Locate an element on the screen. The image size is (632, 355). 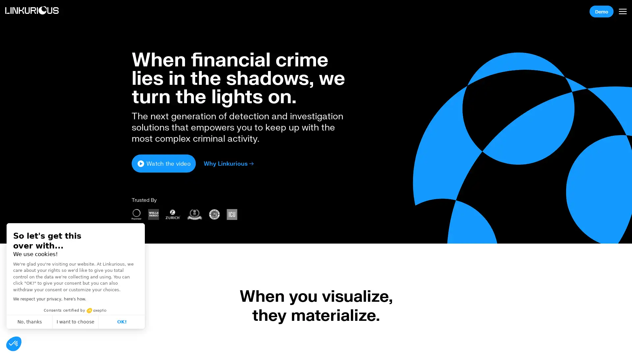
OK! is located at coordinates (121, 321).